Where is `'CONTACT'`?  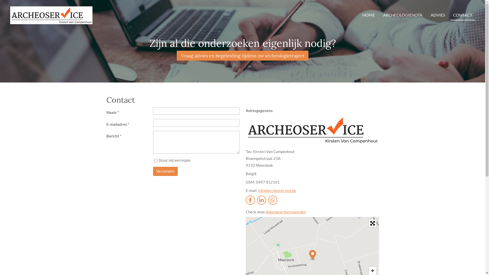 'CONTACT' is located at coordinates (463, 15).